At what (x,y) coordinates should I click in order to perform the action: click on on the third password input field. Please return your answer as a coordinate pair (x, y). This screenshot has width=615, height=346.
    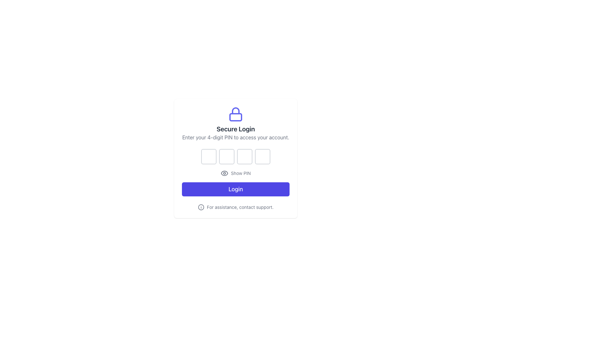
    Looking at the image, I should click on (244, 157).